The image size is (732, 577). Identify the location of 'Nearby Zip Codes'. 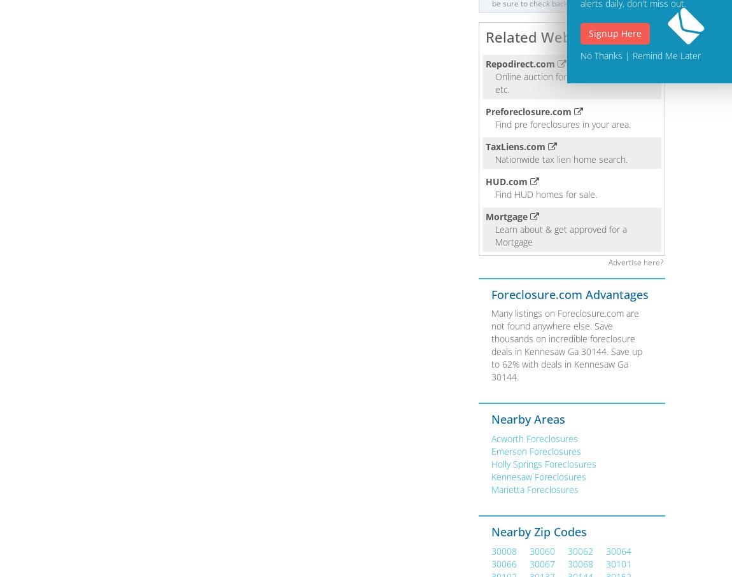
(538, 531).